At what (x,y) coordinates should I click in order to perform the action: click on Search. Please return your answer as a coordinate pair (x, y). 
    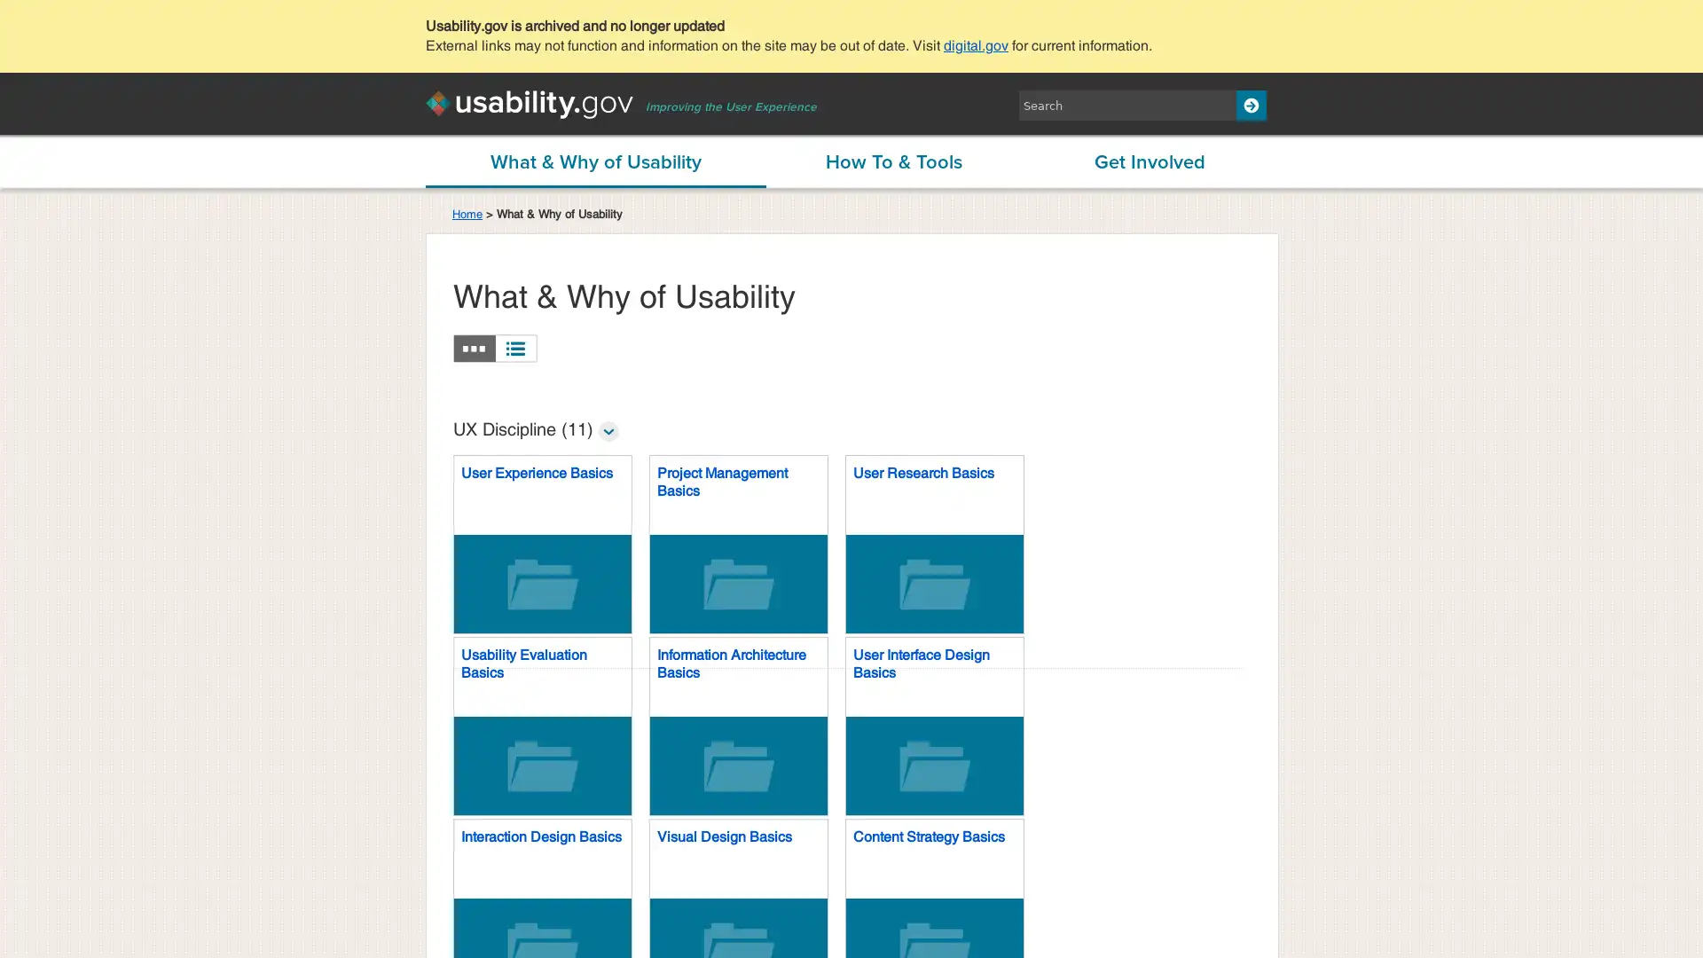
    Looking at the image, I should click on (1251, 106).